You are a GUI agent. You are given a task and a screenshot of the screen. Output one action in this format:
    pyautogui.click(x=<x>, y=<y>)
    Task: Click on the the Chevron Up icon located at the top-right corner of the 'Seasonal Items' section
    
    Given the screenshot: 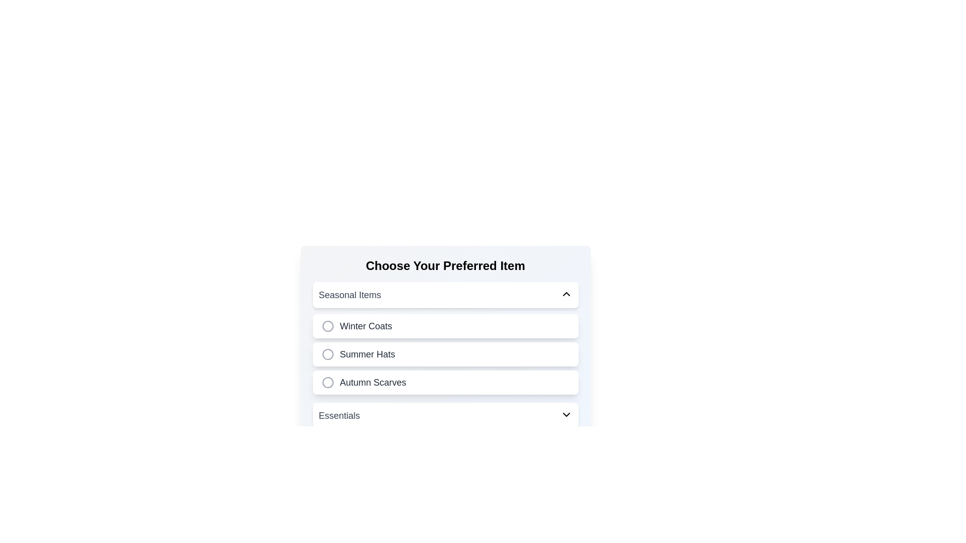 What is the action you would take?
    pyautogui.click(x=566, y=294)
    